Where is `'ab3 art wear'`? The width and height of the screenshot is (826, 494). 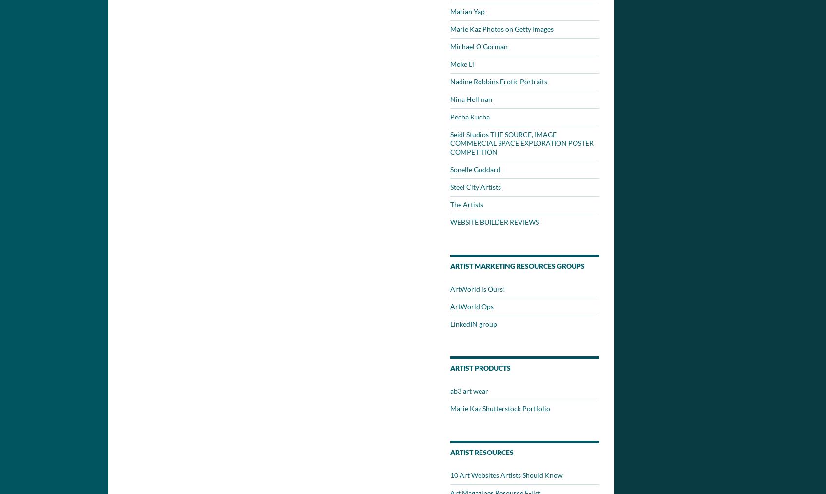
'ab3 art wear' is located at coordinates (469, 391).